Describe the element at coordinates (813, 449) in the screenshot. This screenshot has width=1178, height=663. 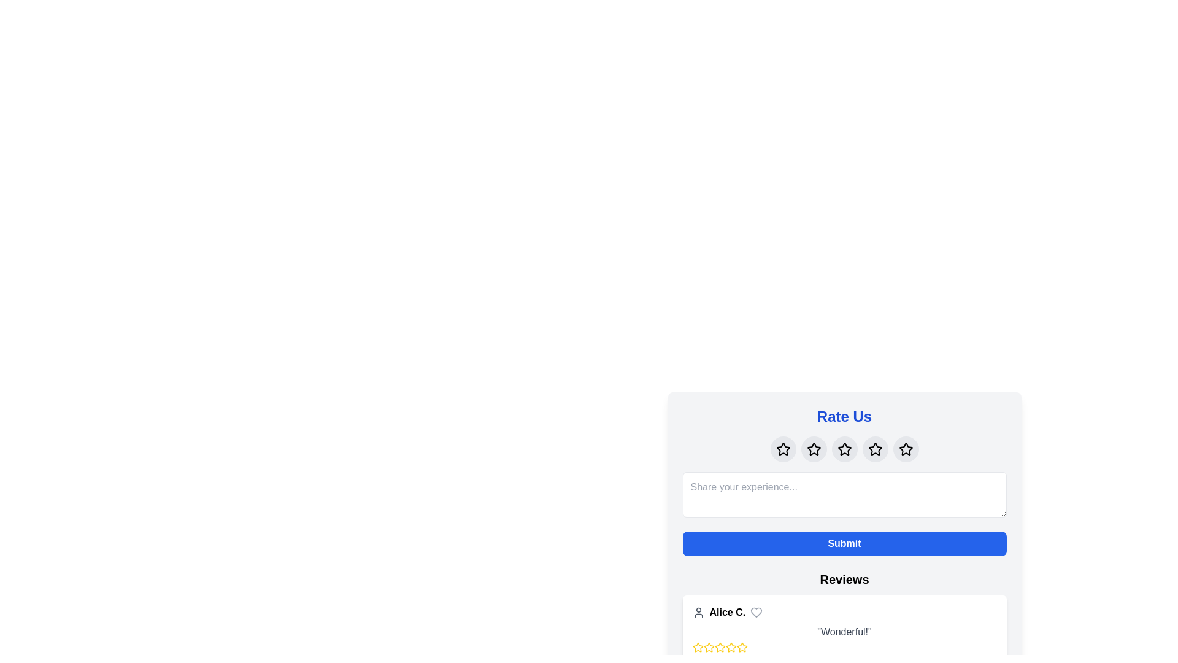
I see `the central interactive star icon` at that location.